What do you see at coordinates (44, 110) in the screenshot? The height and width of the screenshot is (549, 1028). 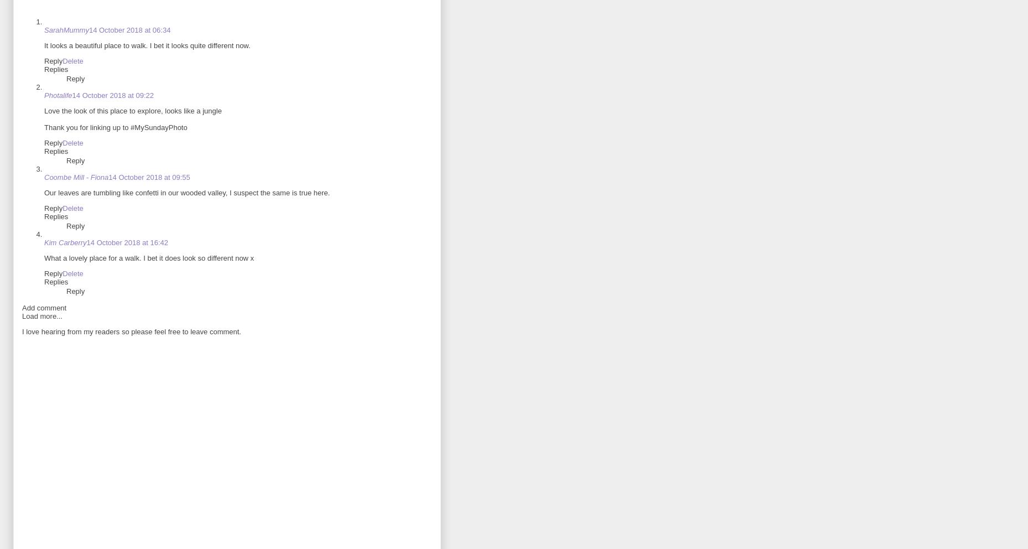 I see `'Love the look of this place to explore, looks like a jungle'` at bounding box center [44, 110].